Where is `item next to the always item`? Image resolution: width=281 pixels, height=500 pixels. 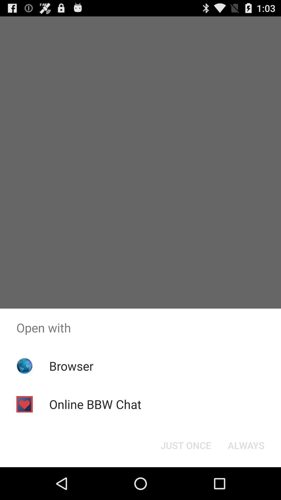 item next to the always item is located at coordinates (186, 445).